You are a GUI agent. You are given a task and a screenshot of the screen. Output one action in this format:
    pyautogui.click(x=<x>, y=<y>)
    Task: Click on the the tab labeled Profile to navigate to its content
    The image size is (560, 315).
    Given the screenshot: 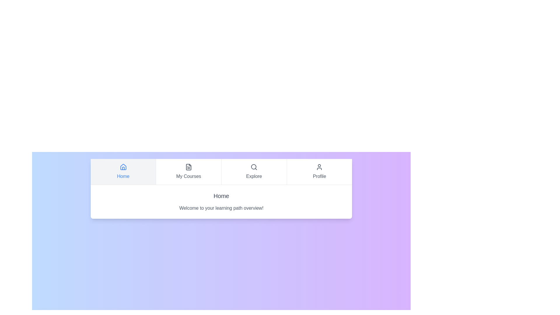 What is the action you would take?
    pyautogui.click(x=319, y=171)
    